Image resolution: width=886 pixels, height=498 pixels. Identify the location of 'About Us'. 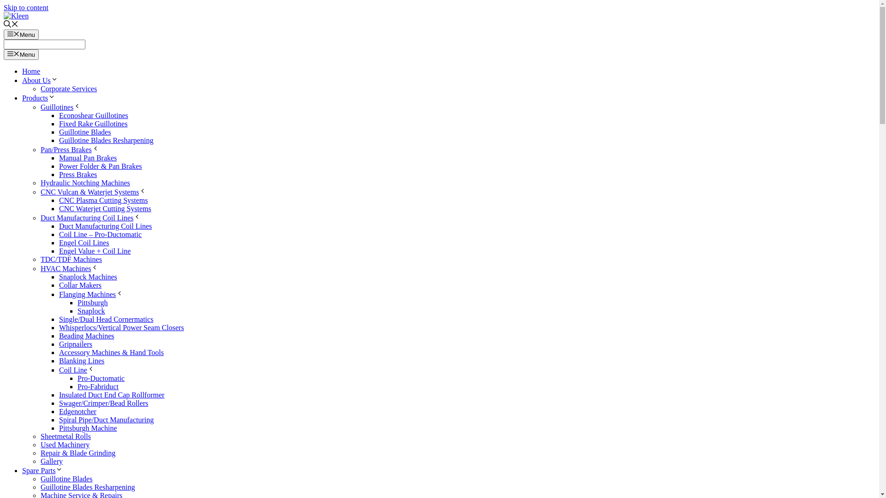
(39, 80).